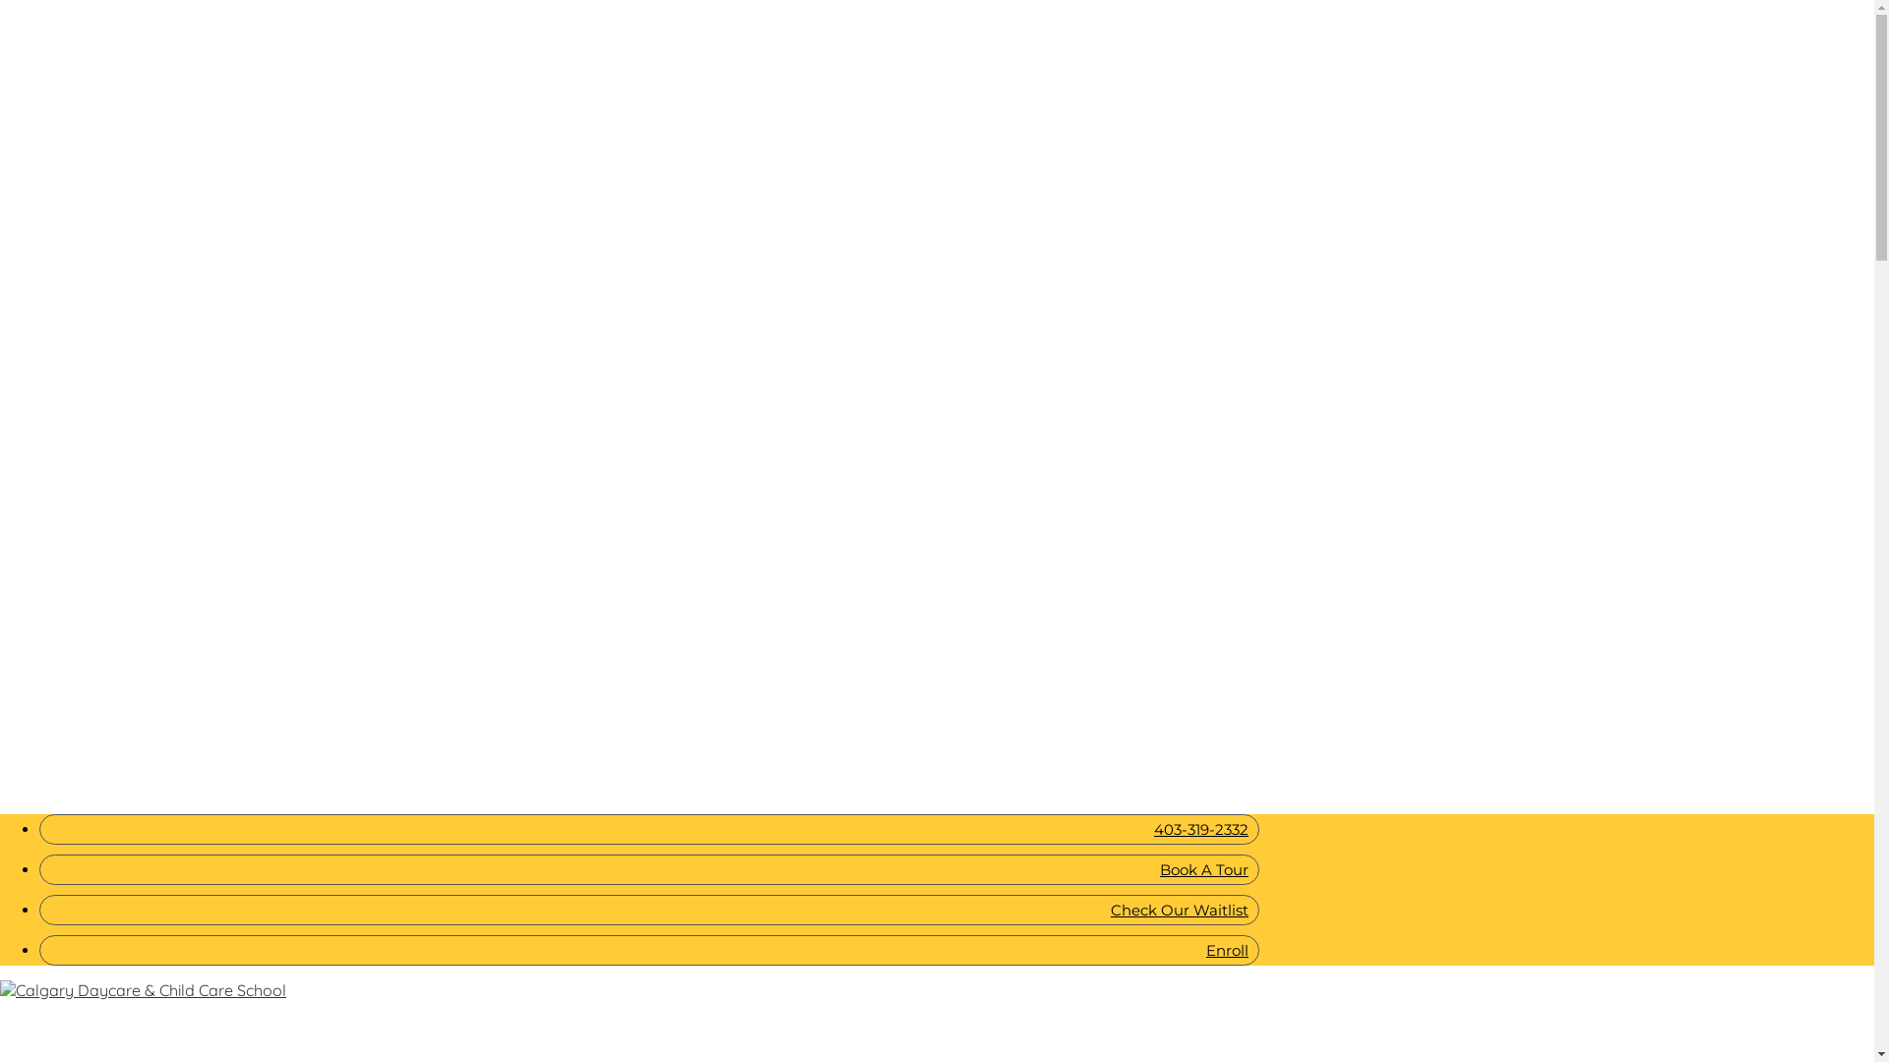  I want to click on '403-319-2332', so click(649, 829).